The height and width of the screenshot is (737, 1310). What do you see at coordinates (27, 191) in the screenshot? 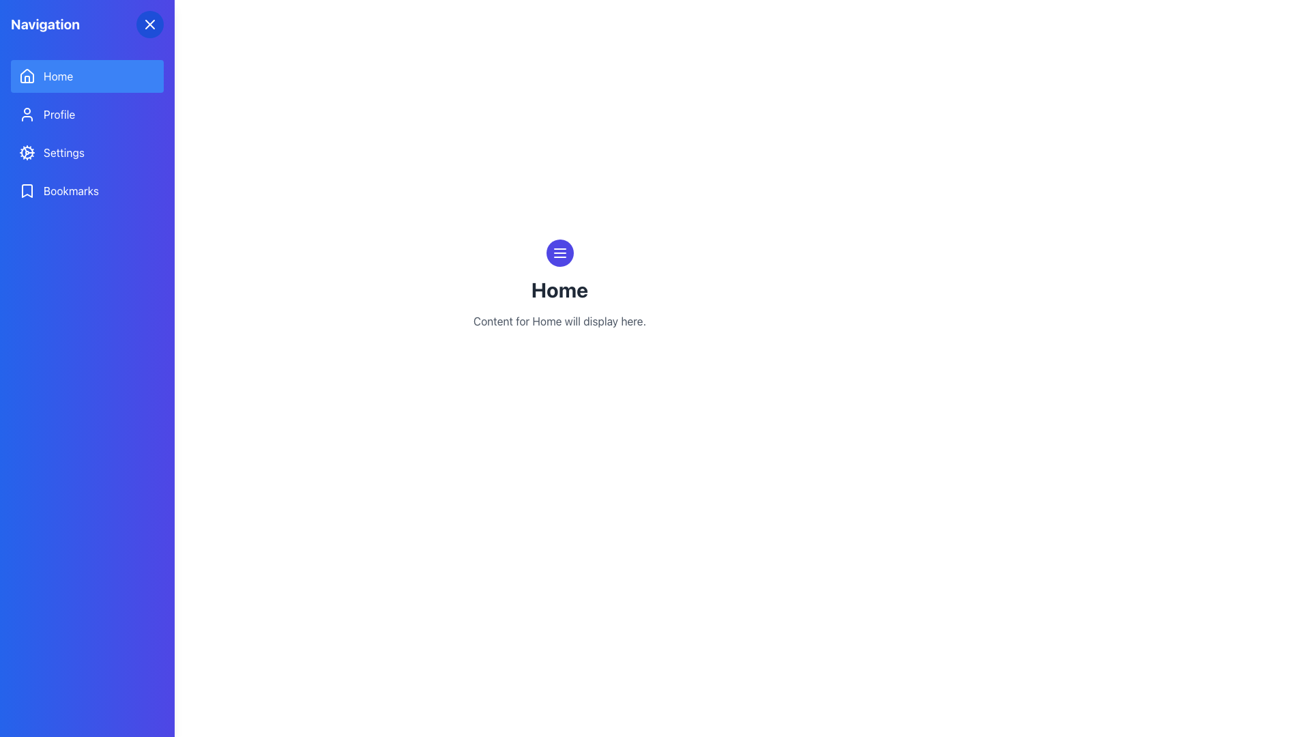
I see `the bookmark icon in the navigation sidebar, located to the left of the 'Bookmarks' text label` at bounding box center [27, 191].